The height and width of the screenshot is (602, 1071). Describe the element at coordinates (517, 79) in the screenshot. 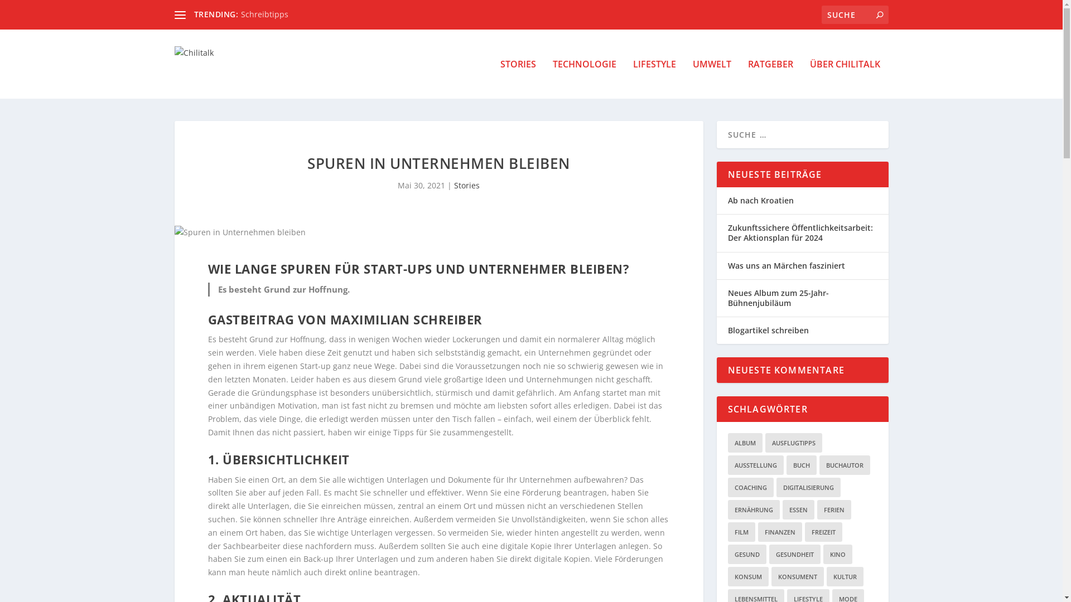

I see `'STORIES'` at that location.